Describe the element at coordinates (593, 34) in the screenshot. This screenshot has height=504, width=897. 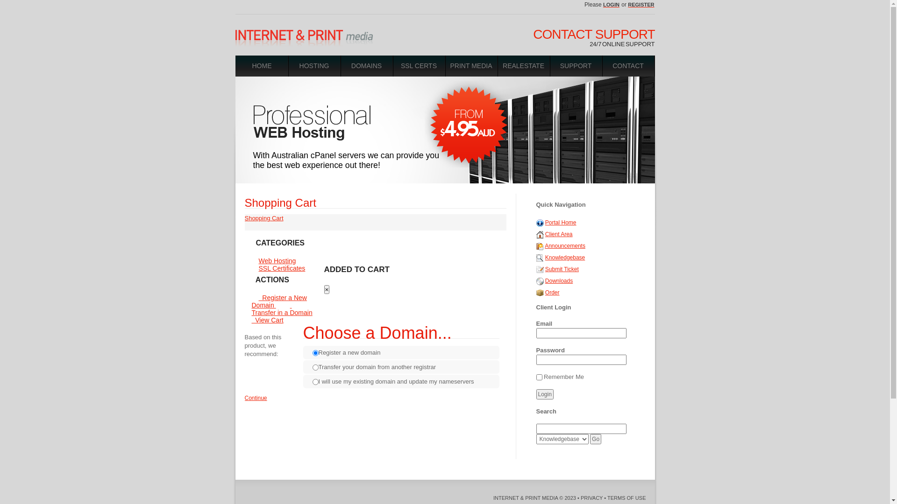
I see `'CONTACT SUPPORT'` at that location.